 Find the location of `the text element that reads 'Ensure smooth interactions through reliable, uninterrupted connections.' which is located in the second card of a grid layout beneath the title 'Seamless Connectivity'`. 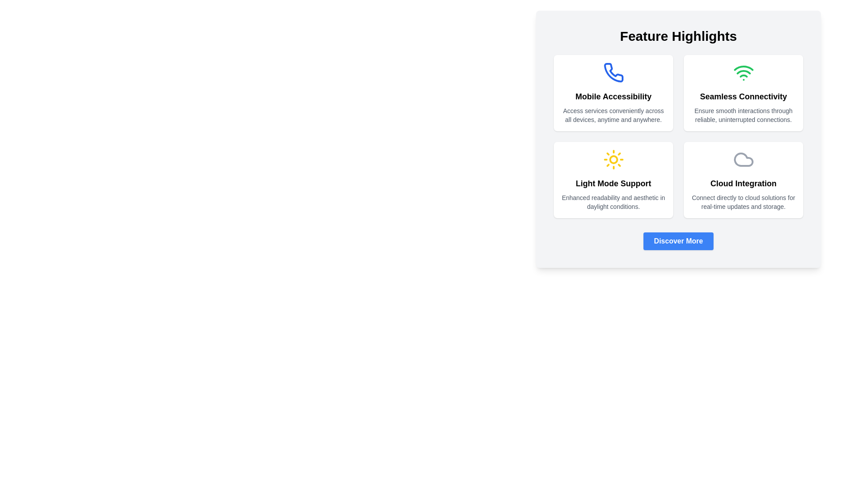

the text element that reads 'Ensure smooth interactions through reliable, uninterrupted connections.' which is located in the second card of a grid layout beneath the title 'Seamless Connectivity' is located at coordinates (743, 114).